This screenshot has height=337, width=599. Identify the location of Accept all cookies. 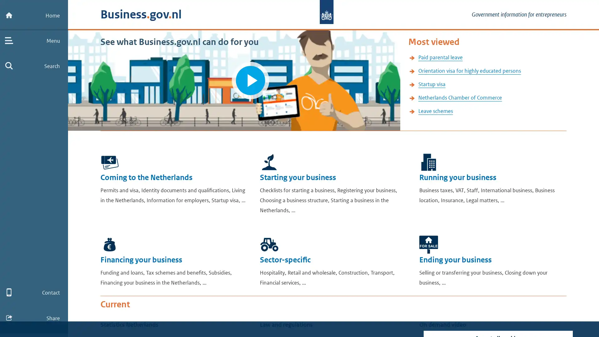
(498, 295).